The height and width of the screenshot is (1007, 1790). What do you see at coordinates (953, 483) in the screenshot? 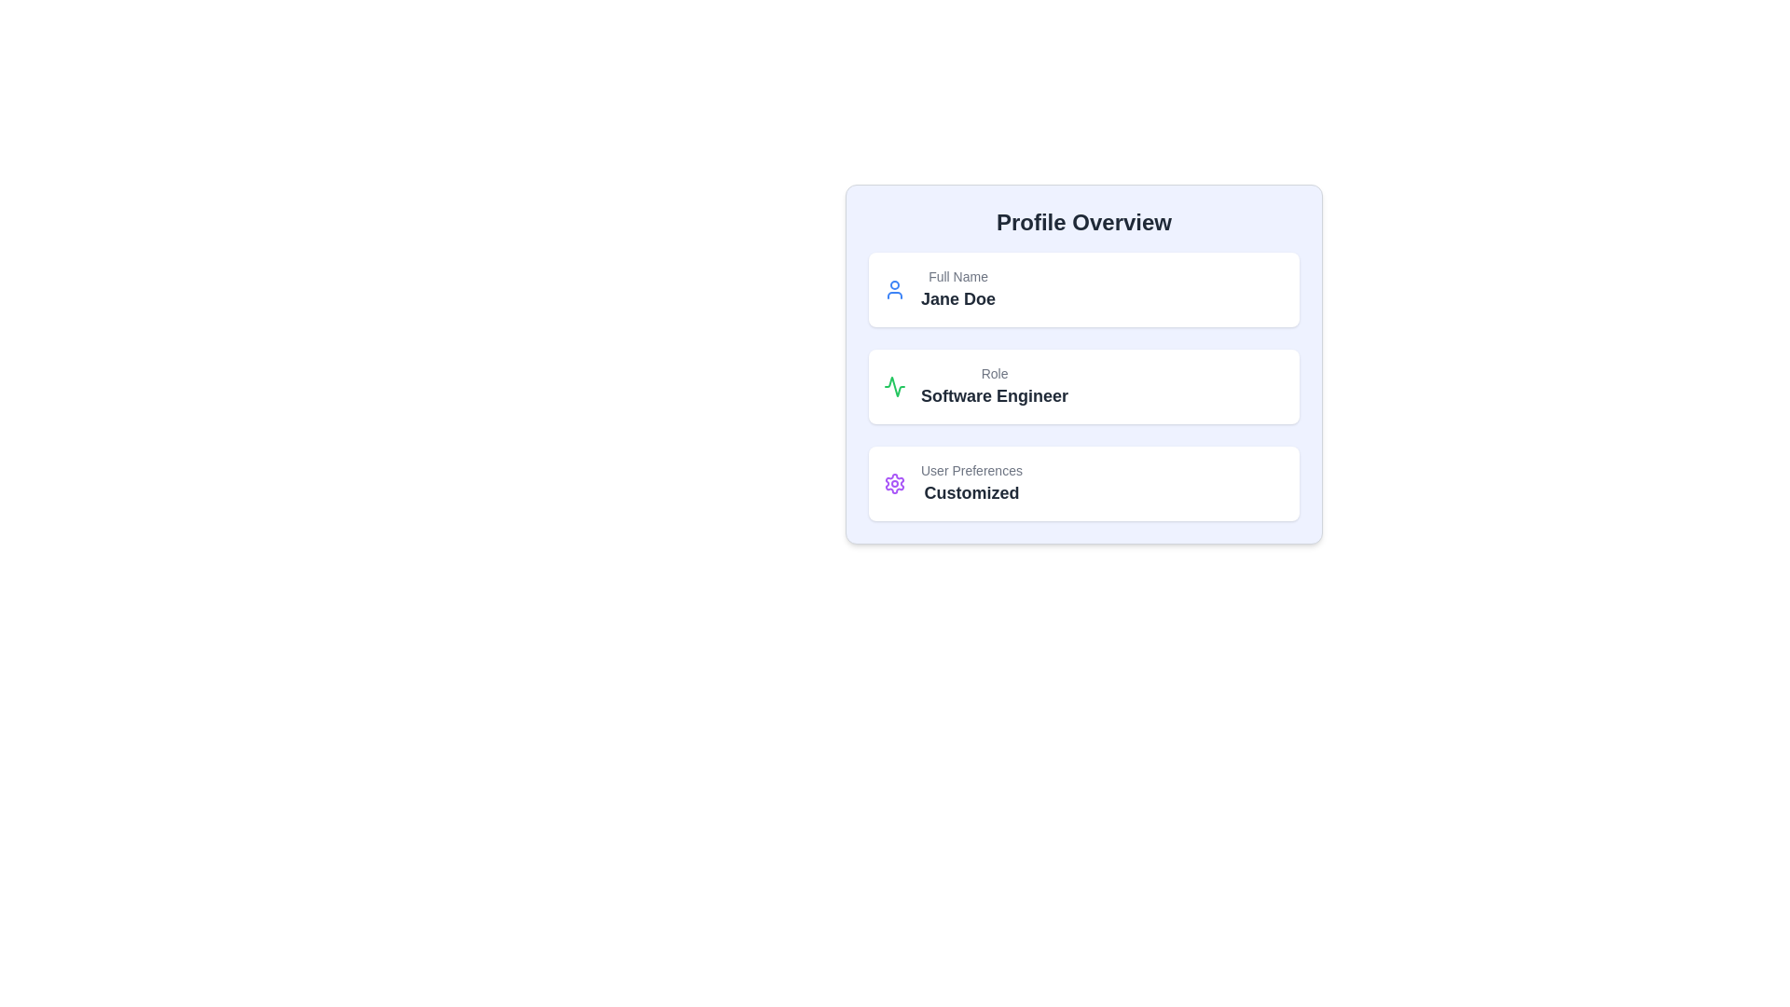
I see `the purple cogwheel icon or the text 'User Preferences' or 'Customized' in the Information display, which is the third item in a vertically stacked list at the bottom` at bounding box center [953, 483].